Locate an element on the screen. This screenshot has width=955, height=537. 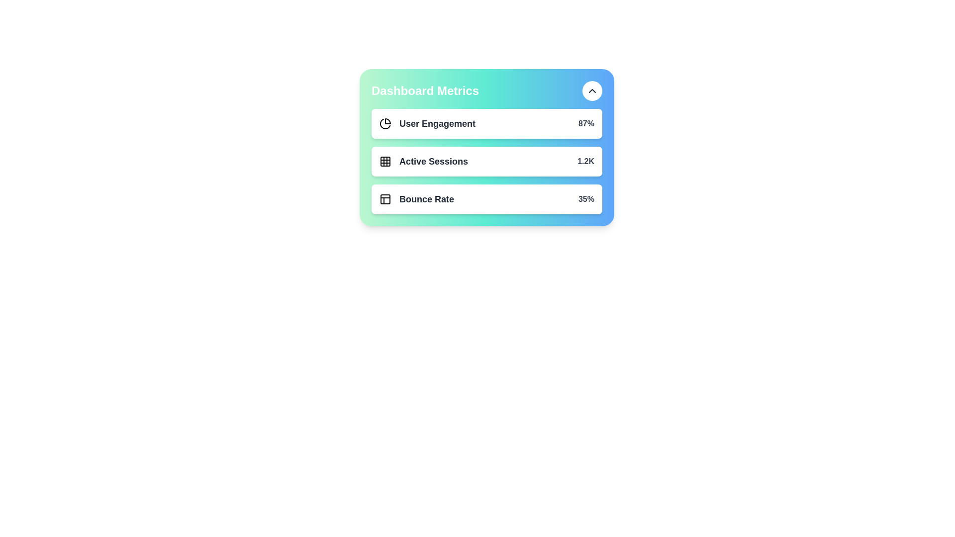
the icon next to the metric User Engagement is located at coordinates (384, 123).